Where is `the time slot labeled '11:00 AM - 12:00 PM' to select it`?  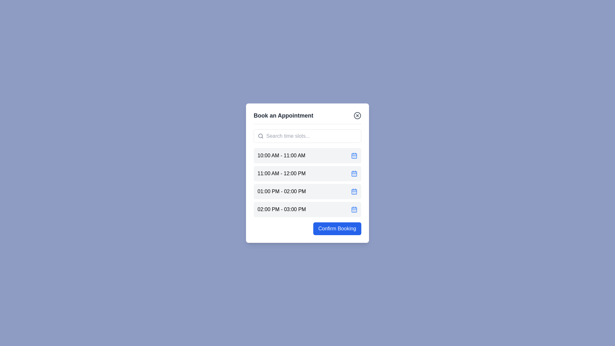 the time slot labeled '11:00 AM - 12:00 PM' to select it is located at coordinates (307, 173).